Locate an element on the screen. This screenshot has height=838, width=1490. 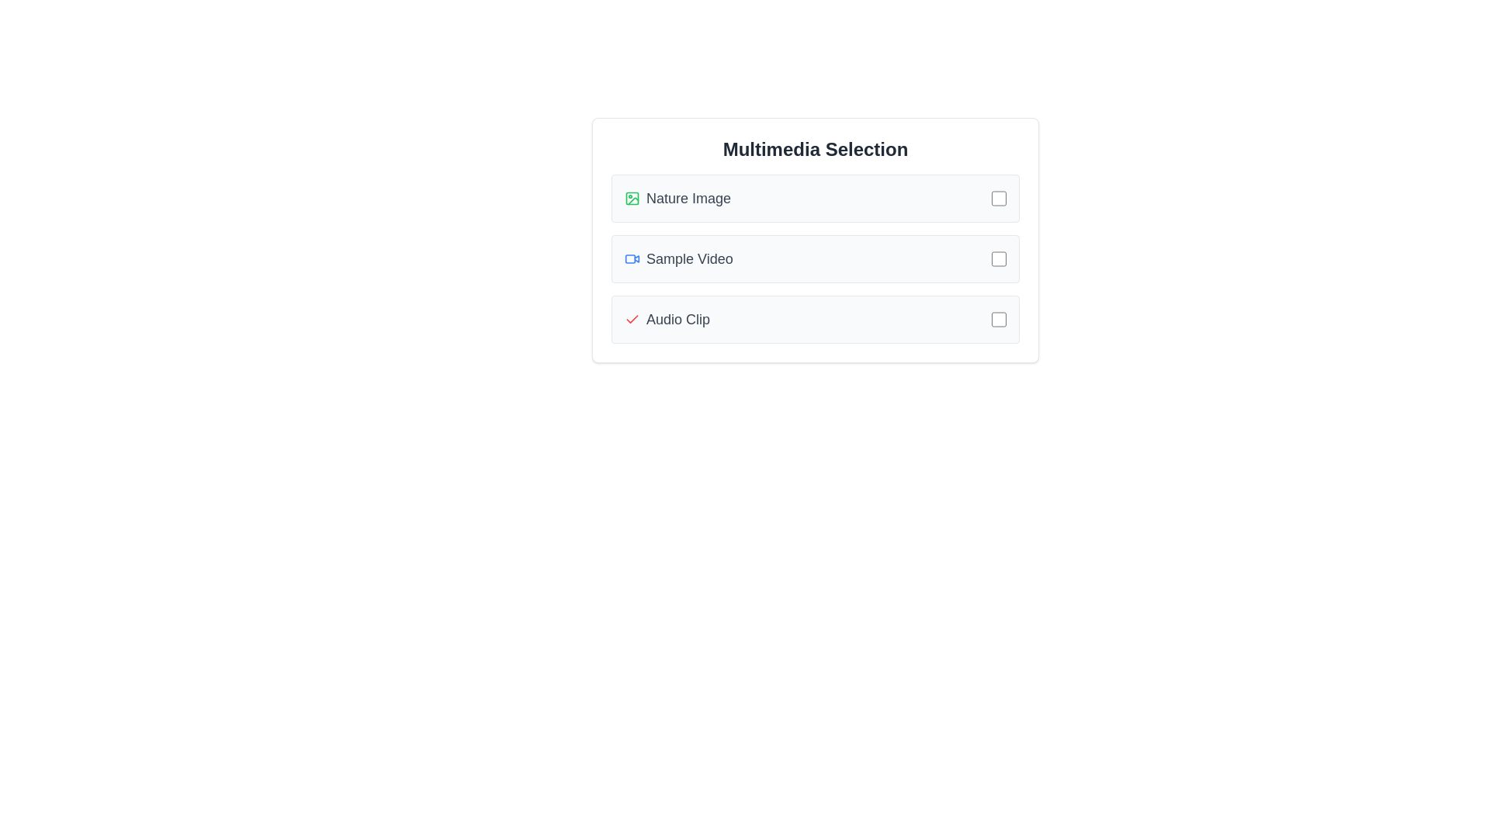
the 'Audio Clip' label with a red checkmark icon located in the 'Multimedia Selection' section, which is the third item in the vertical list is located at coordinates (807, 319).